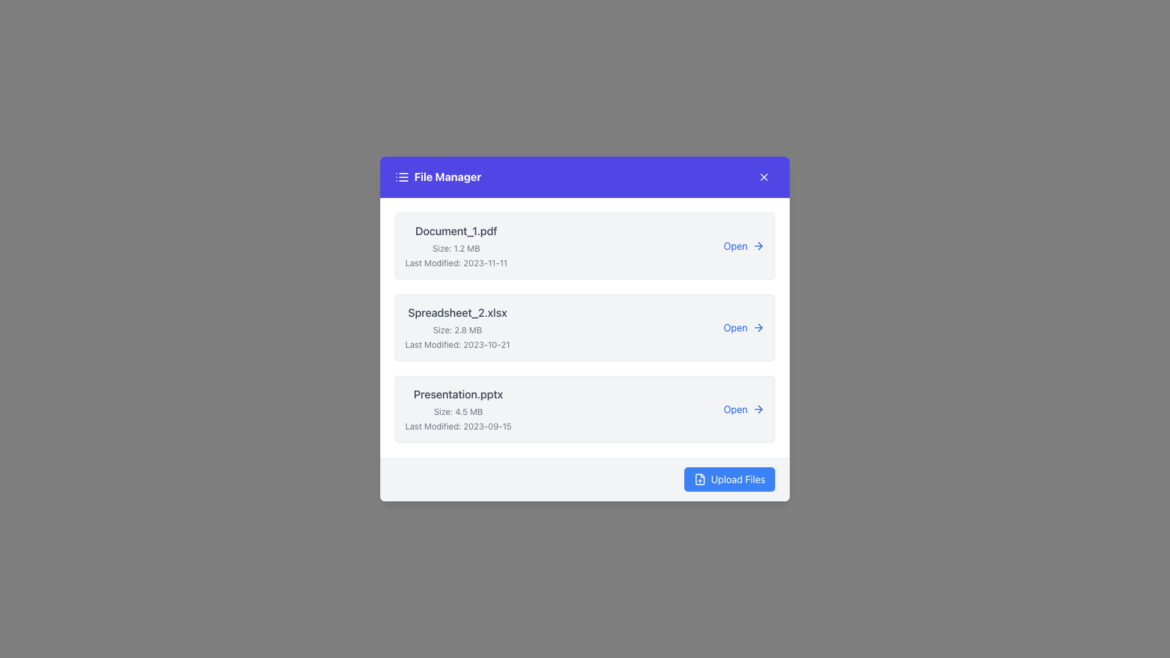 The height and width of the screenshot is (658, 1170). What do you see at coordinates (455, 248) in the screenshot?
I see `the static text element that indicates the size of the file 'Document_1.pdf', located in the first item block of the file list, positioned between the file name and the last modified date` at bounding box center [455, 248].